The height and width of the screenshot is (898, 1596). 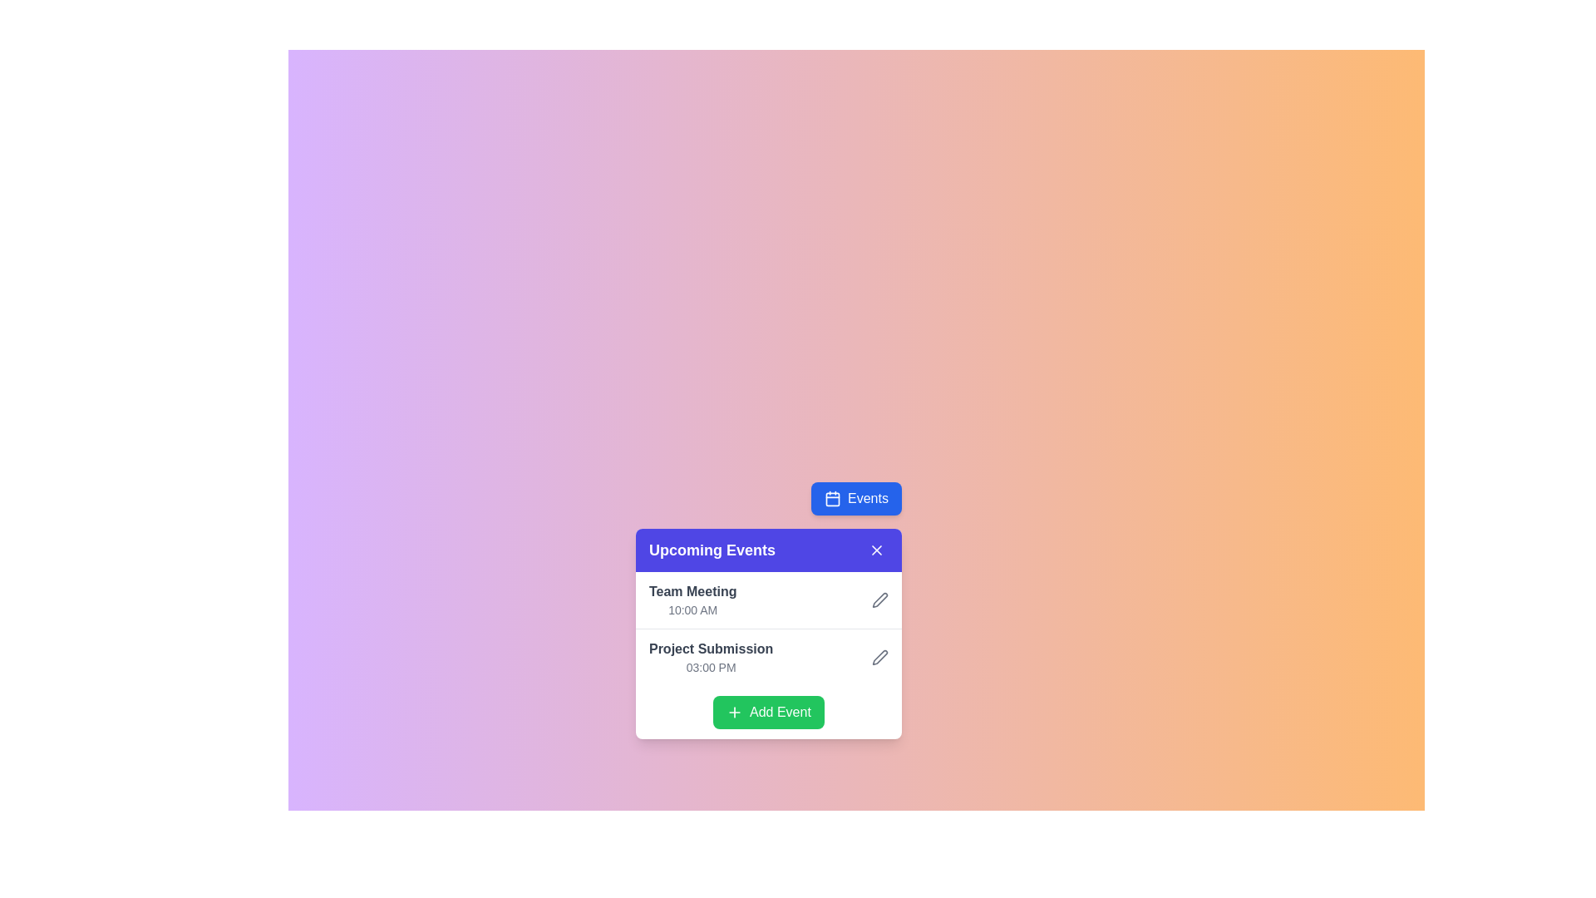 I want to click on the icon of the scheduled event 'Project Submission' in the 'Upcoming Events' section, so click(x=767, y=656).